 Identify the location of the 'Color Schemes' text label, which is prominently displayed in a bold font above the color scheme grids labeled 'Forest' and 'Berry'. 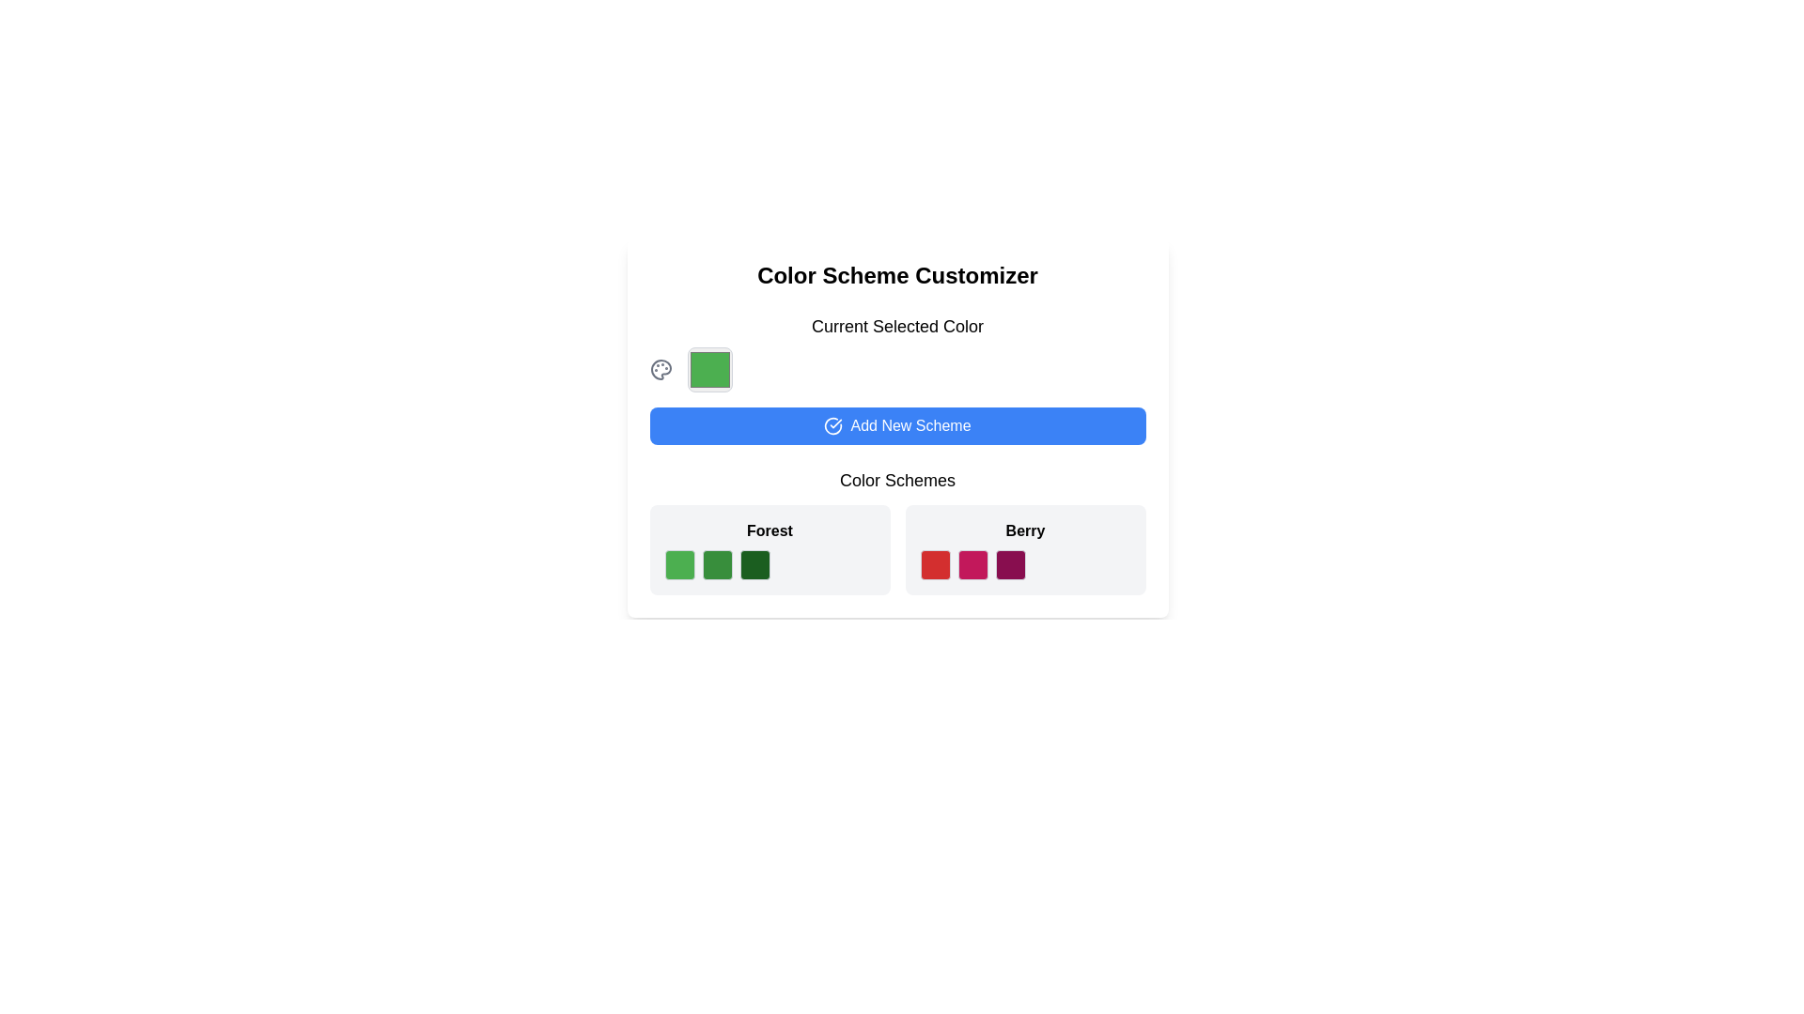
(896, 480).